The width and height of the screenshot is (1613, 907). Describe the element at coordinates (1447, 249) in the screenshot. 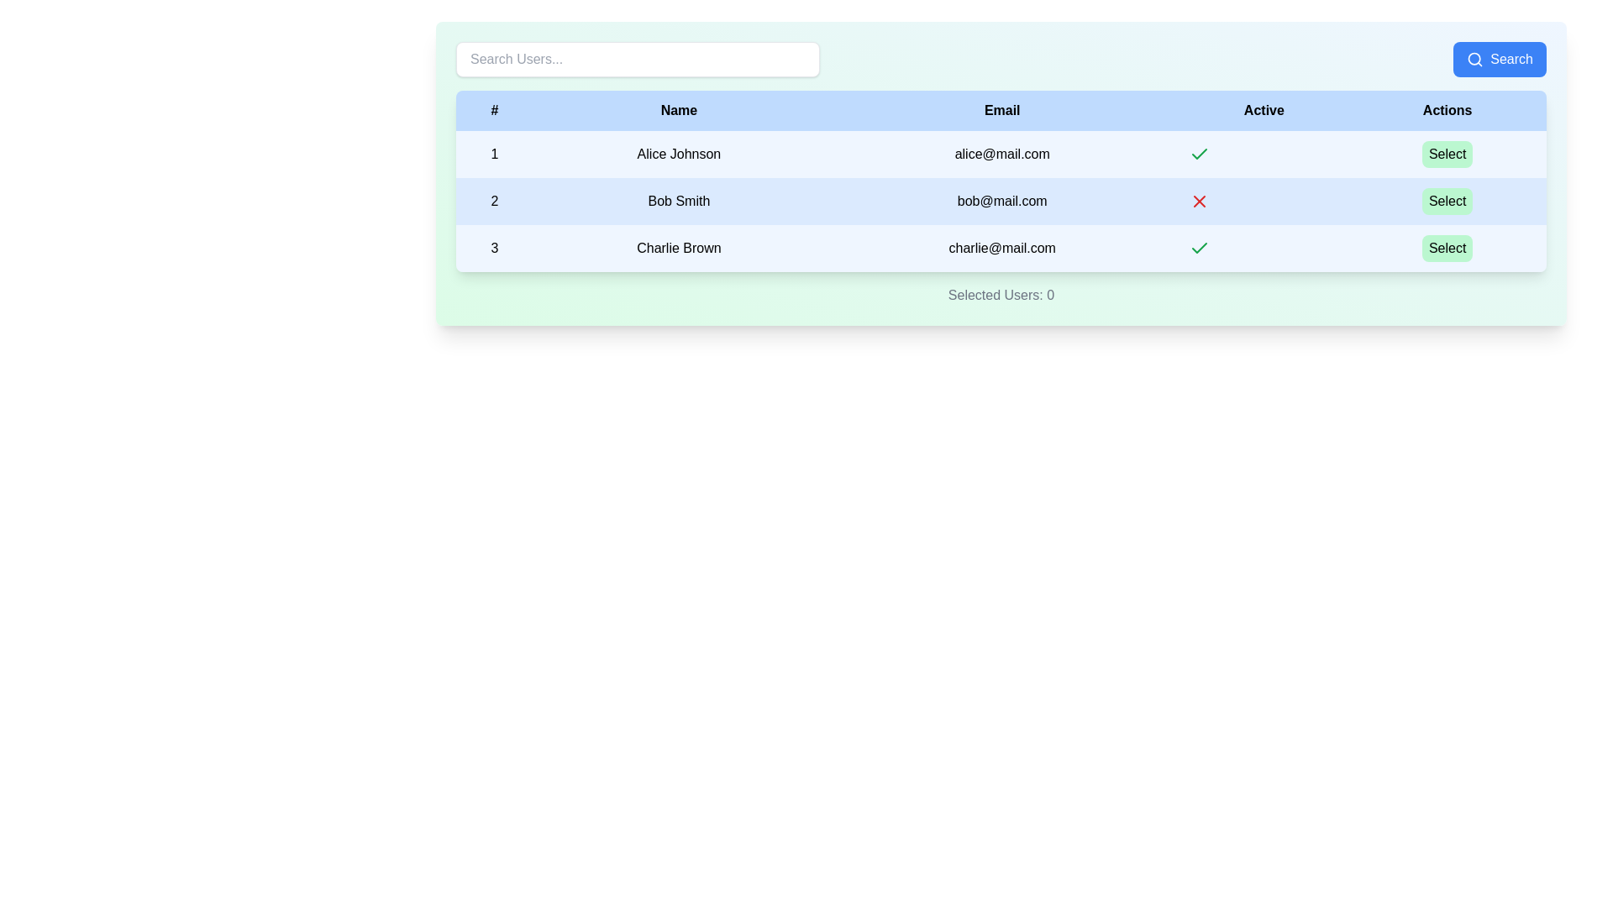

I see `the button associated with the 'Charlie Brown' entry for keyboard navigation` at that location.